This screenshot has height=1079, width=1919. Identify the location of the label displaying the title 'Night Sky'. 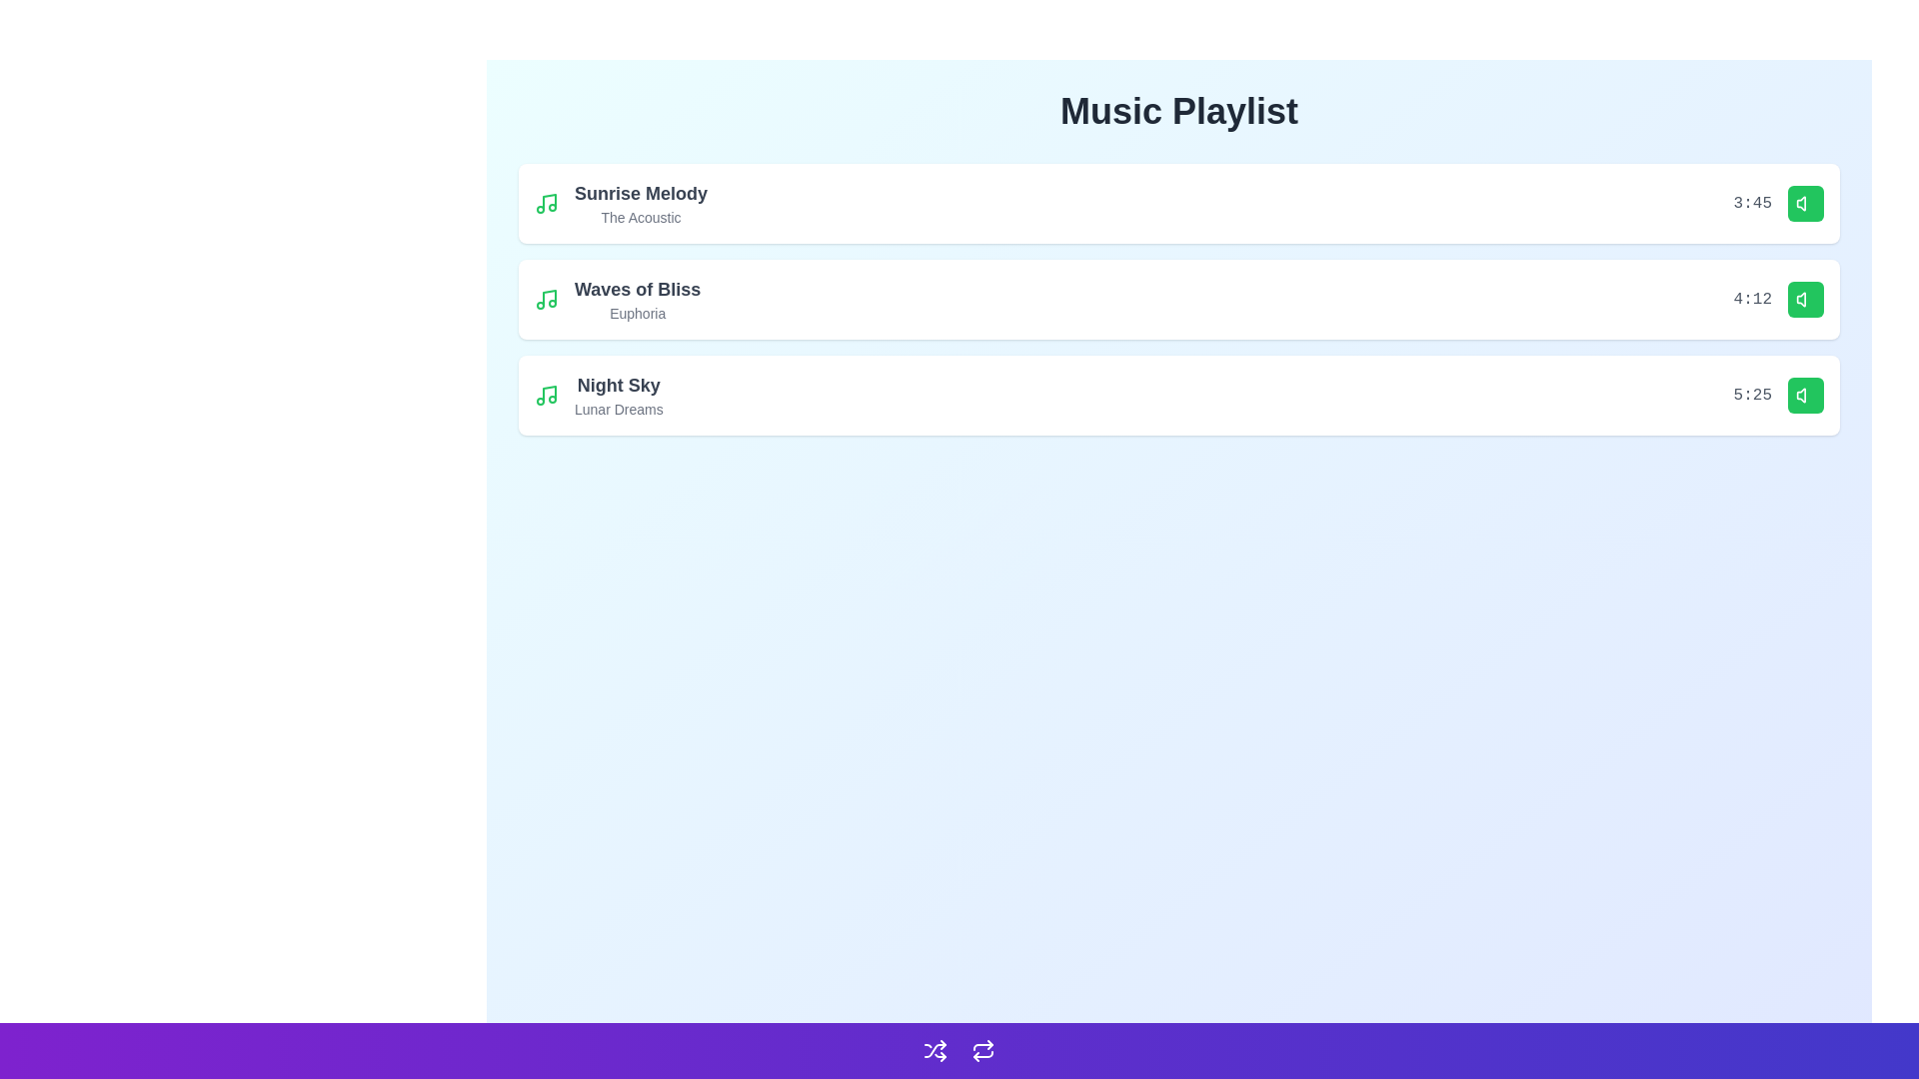
(618, 385).